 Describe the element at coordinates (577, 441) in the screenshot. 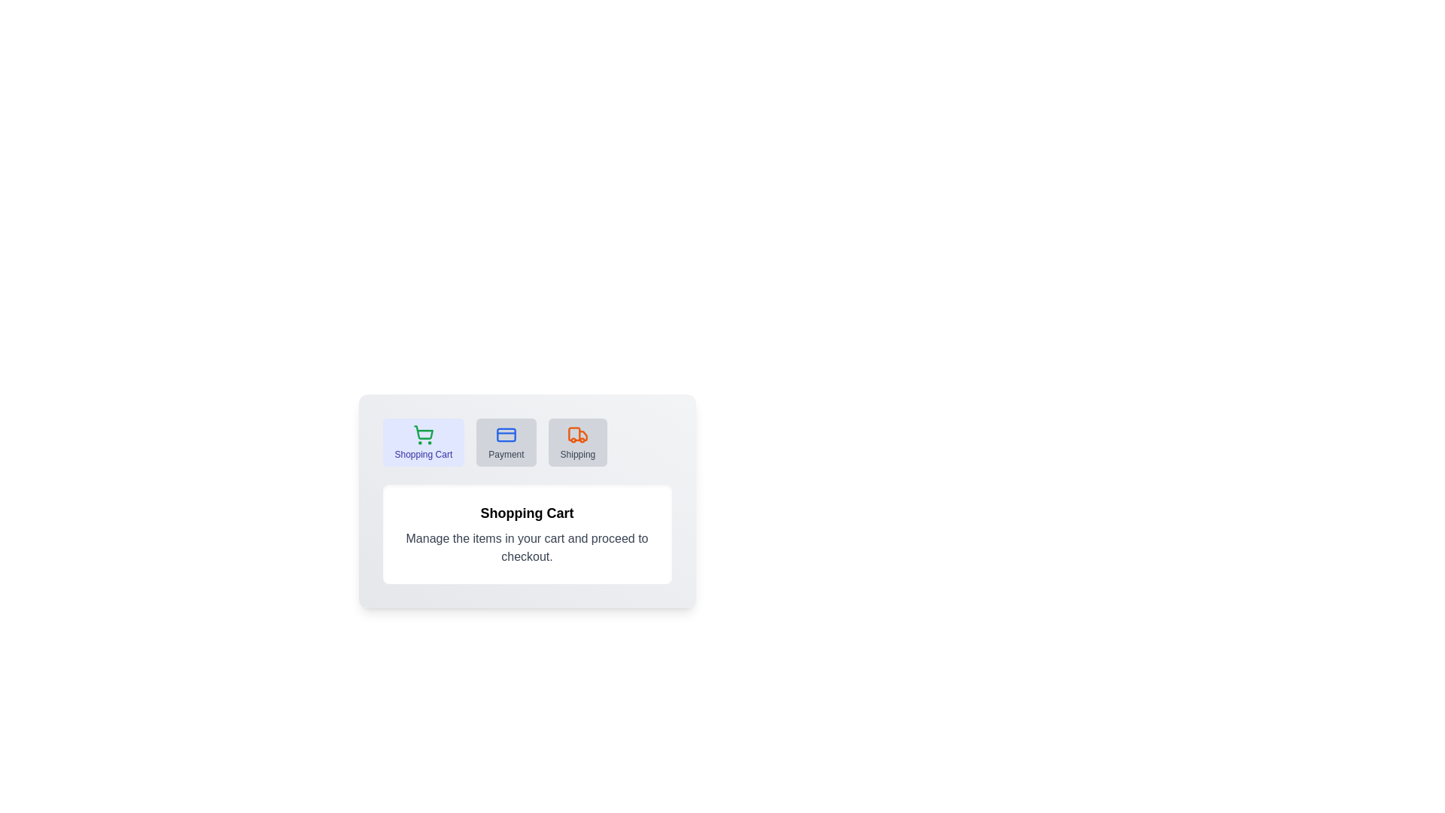

I see `the tab labeled 'Shipping' to observe its hover effect` at that location.